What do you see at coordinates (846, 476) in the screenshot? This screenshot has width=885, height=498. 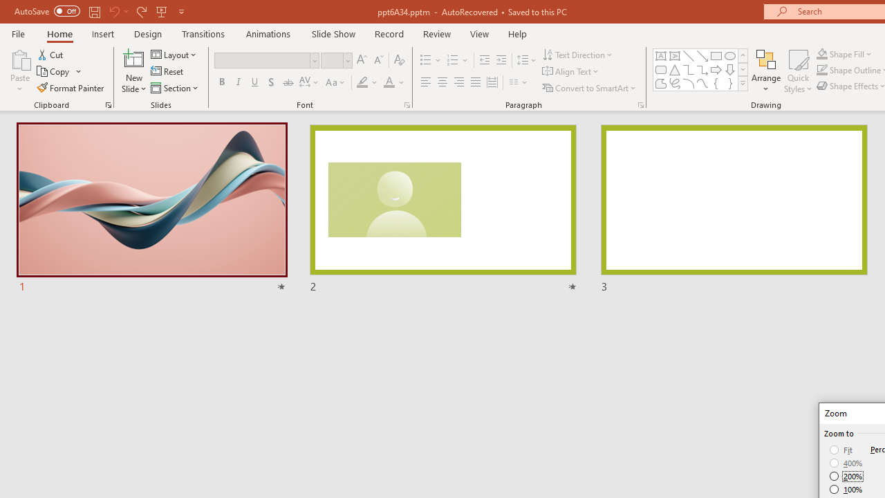 I see `'200%'` at bounding box center [846, 476].